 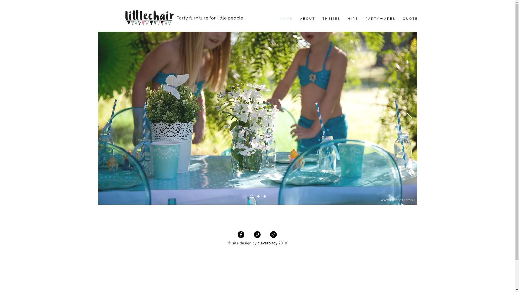 What do you see at coordinates (352, 18) in the screenshot?
I see `'H I R E'` at bounding box center [352, 18].